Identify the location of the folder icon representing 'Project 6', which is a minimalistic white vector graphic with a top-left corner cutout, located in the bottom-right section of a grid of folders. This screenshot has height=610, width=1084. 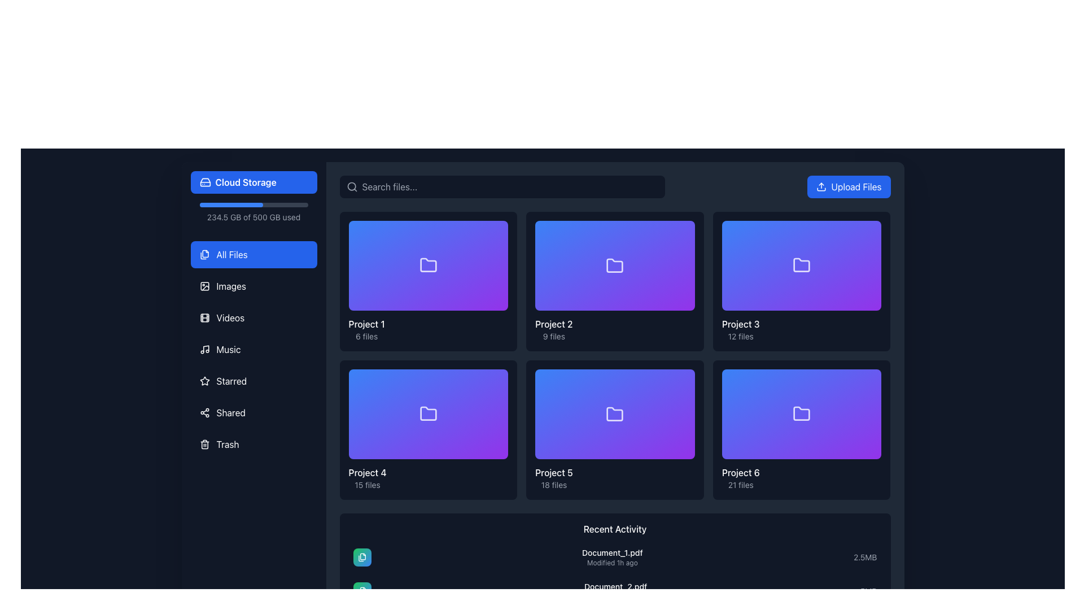
(801, 413).